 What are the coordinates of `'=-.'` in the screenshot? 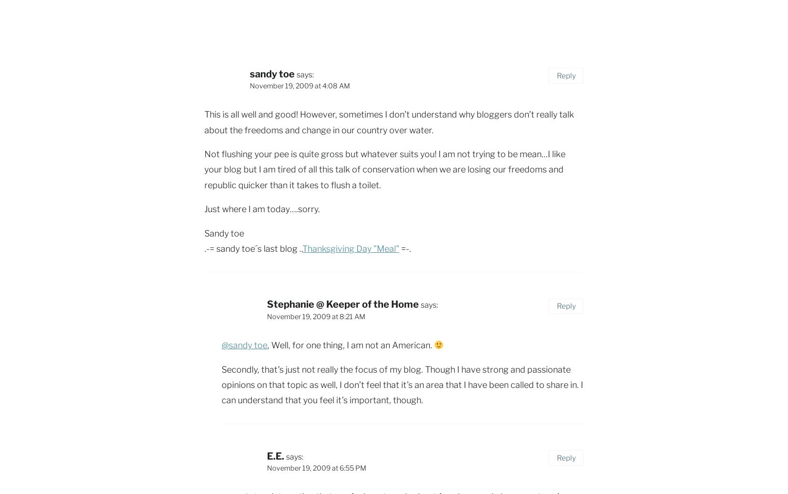 It's located at (399, 248).